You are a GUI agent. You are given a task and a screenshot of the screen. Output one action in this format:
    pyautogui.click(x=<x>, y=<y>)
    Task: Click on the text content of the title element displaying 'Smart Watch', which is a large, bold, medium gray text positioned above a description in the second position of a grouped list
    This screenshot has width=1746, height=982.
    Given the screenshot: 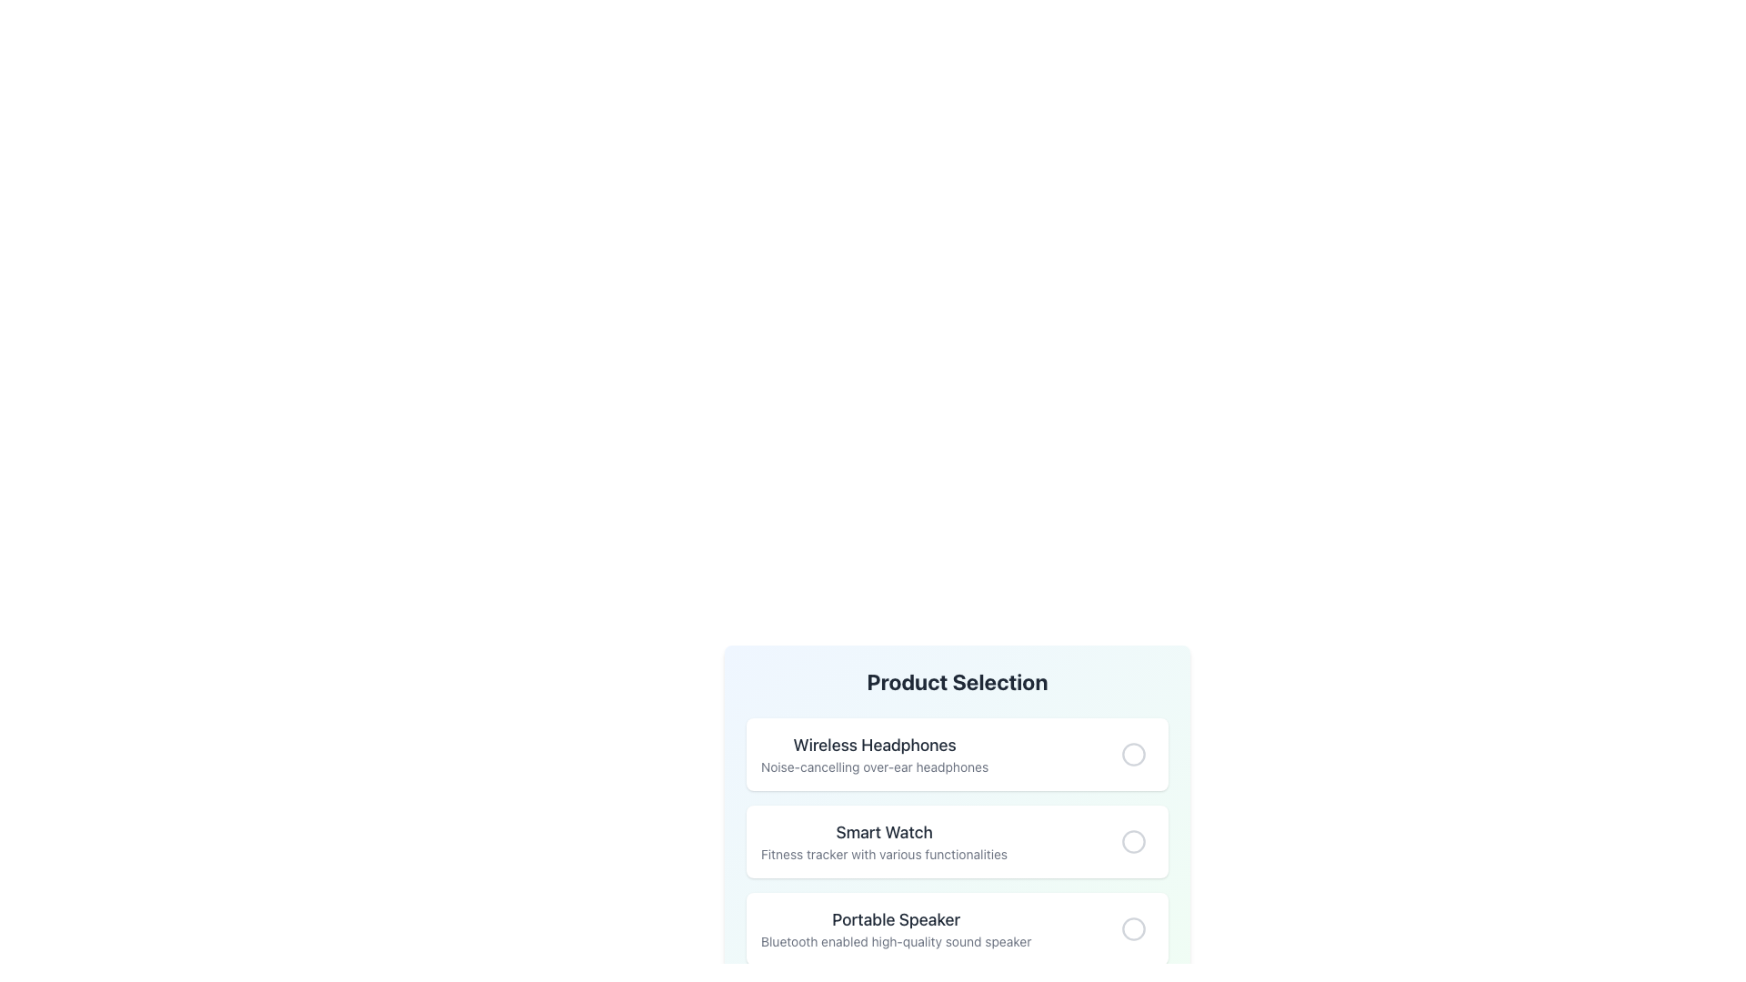 What is the action you would take?
    pyautogui.click(x=884, y=832)
    